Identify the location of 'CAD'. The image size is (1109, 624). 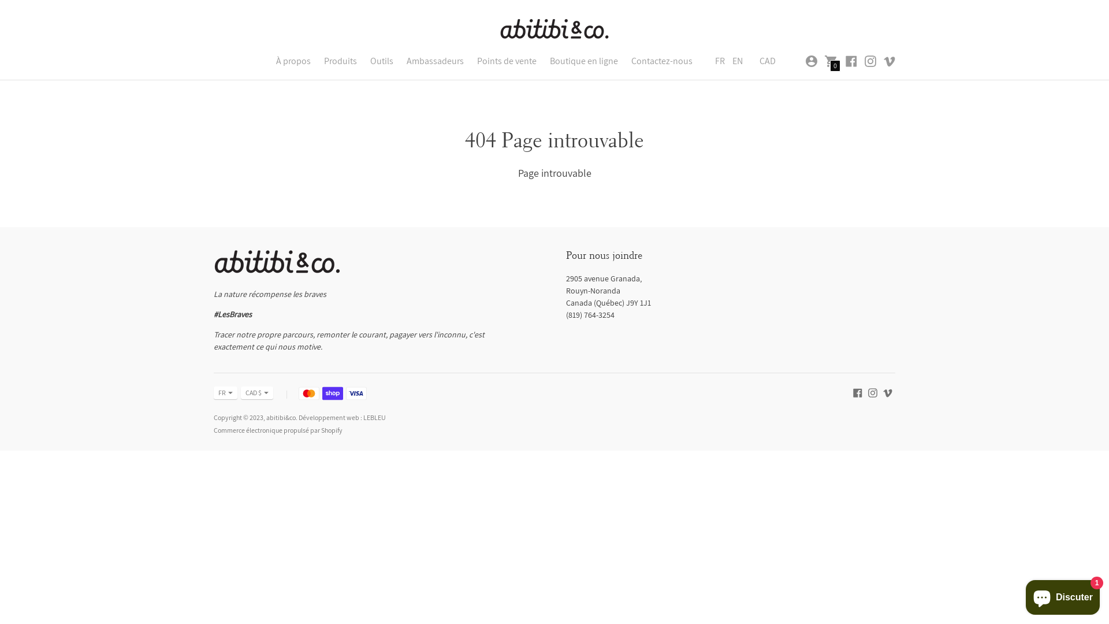
(768, 61).